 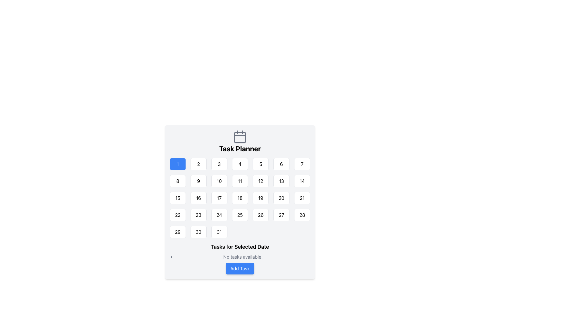 What do you see at coordinates (177, 164) in the screenshot?
I see `the blue rectangular button with white text '1' located in the top-left corner of the calendar grid` at bounding box center [177, 164].